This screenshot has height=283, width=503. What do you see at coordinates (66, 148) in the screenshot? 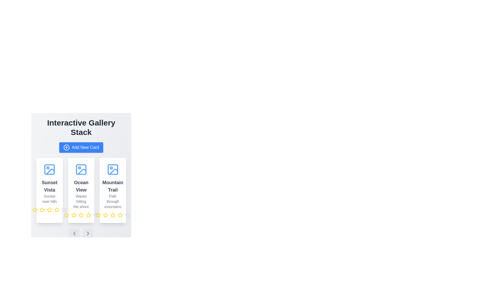
I see `the 'Add' icon located within the blue button labeled 'Add New Card', which is positioned under the title 'Interactive Gallery Stack'` at bounding box center [66, 148].